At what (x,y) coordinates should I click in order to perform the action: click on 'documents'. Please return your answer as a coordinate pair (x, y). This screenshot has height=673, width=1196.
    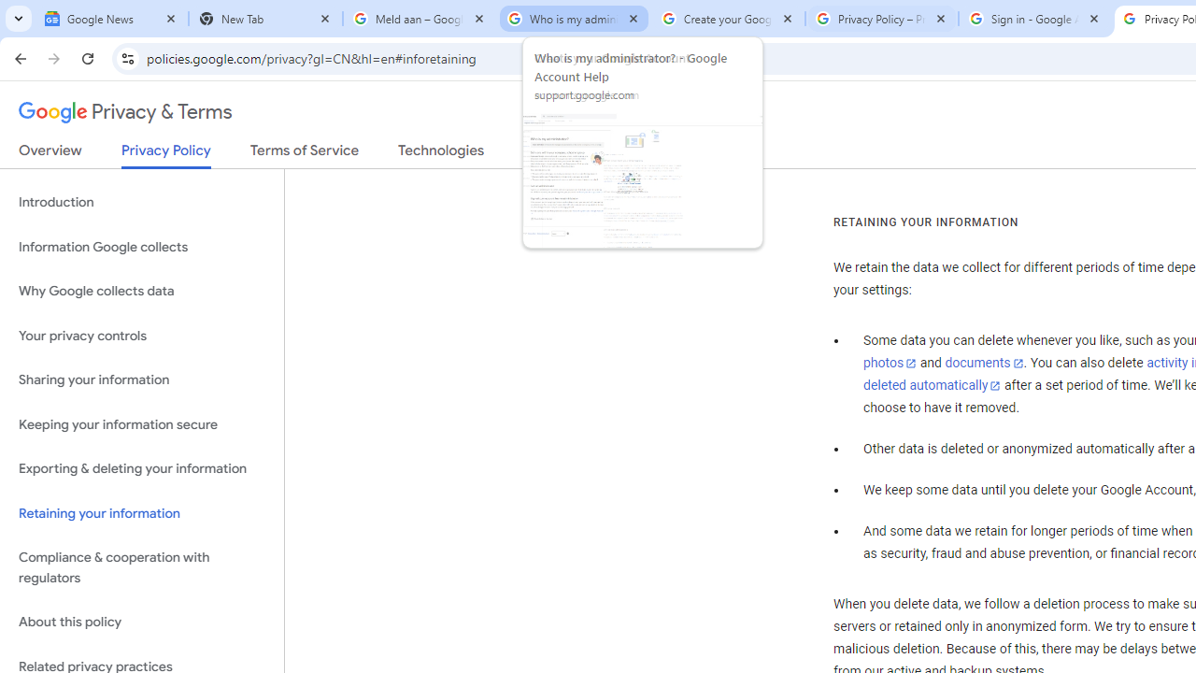
    Looking at the image, I should click on (983, 364).